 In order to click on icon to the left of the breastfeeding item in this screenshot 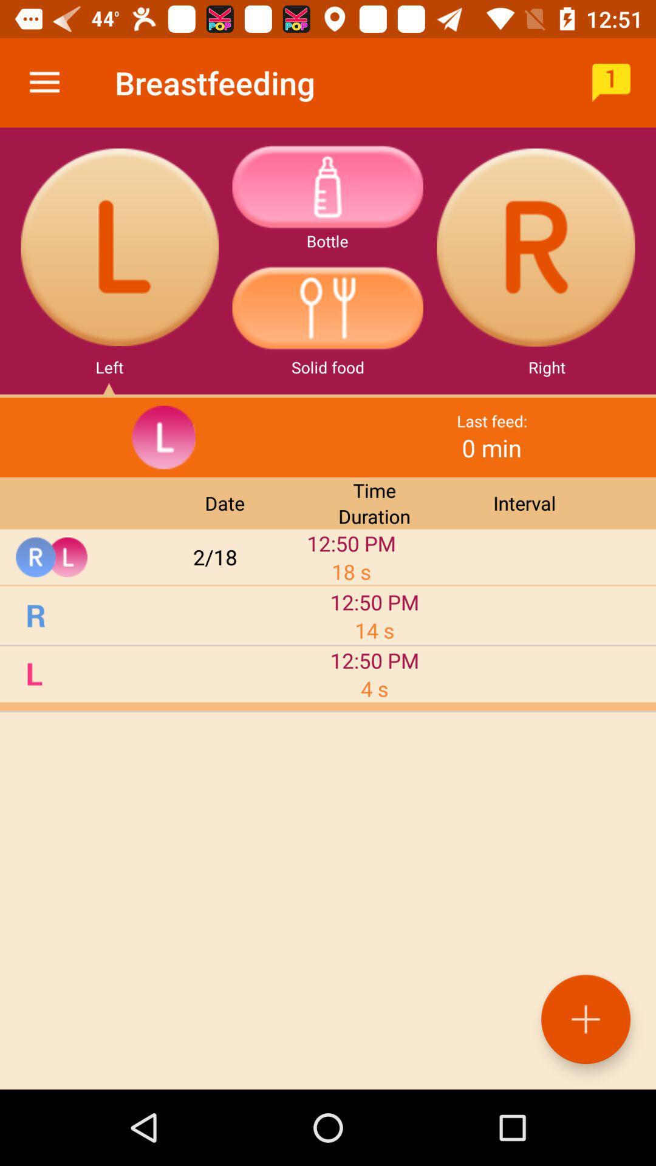, I will do `click(44, 82)`.